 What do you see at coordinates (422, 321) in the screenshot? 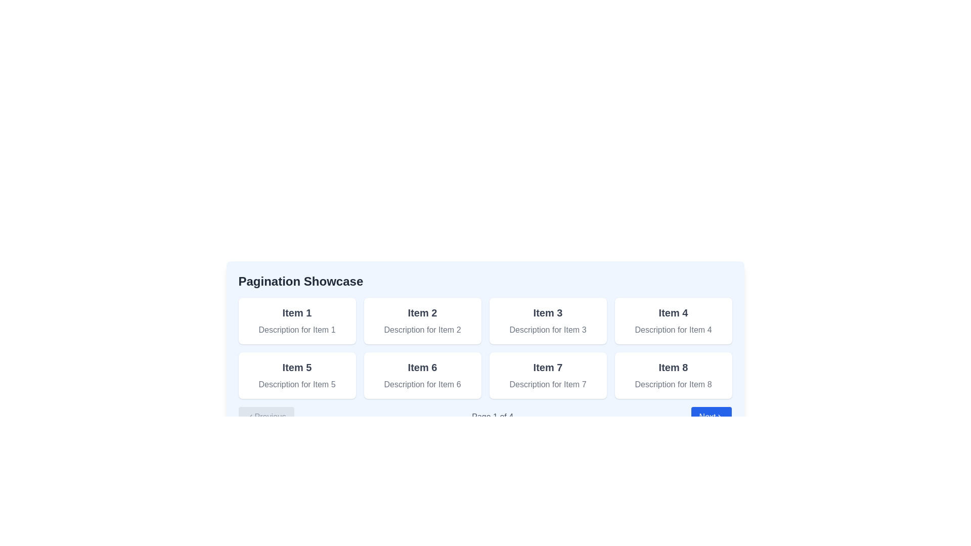
I see `the Display card positioned in the second column of the first row, which provides a summary or preview of specific content, located between 'Item 1' and 'Item 3'` at bounding box center [422, 321].